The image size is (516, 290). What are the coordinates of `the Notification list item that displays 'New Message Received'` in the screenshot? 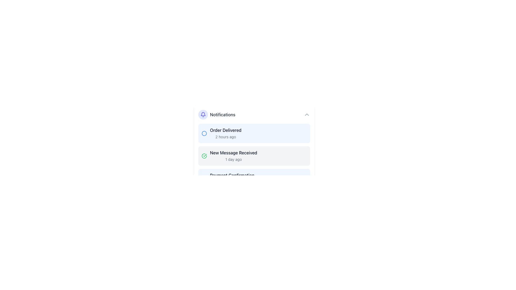 It's located at (234, 156).